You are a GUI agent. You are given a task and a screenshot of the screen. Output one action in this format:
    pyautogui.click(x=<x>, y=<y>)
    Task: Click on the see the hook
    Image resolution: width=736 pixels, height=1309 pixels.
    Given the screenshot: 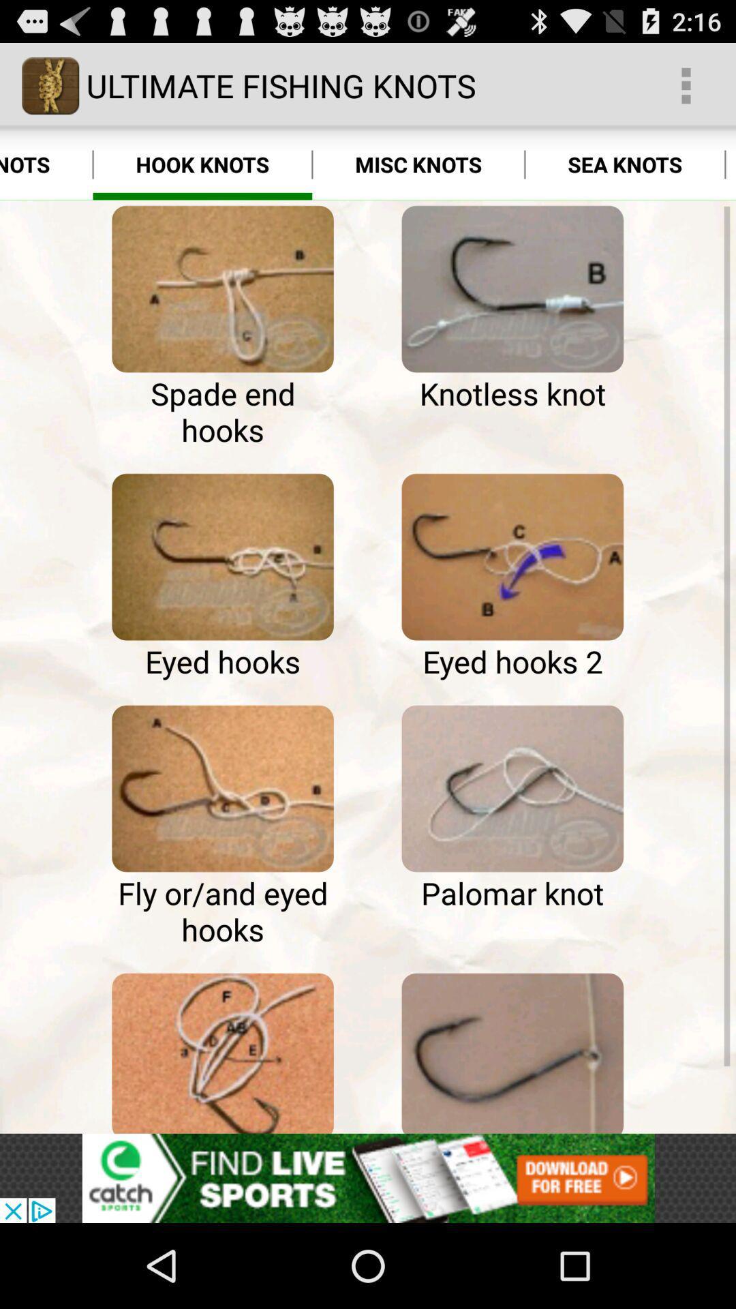 What is the action you would take?
    pyautogui.click(x=512, y=1050)
    